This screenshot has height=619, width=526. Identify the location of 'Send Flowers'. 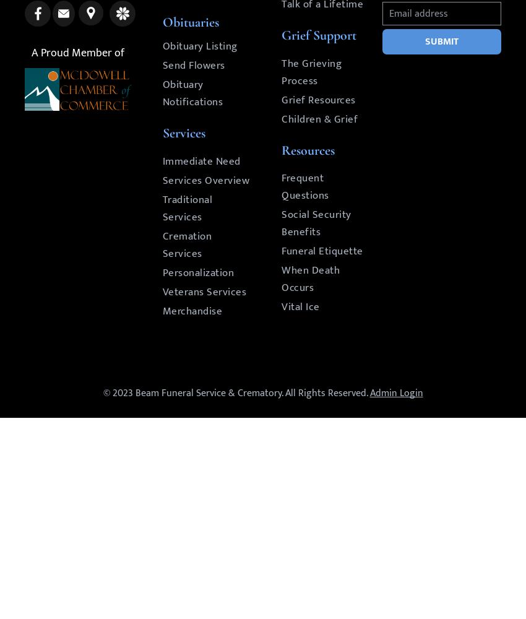
(193, 65).